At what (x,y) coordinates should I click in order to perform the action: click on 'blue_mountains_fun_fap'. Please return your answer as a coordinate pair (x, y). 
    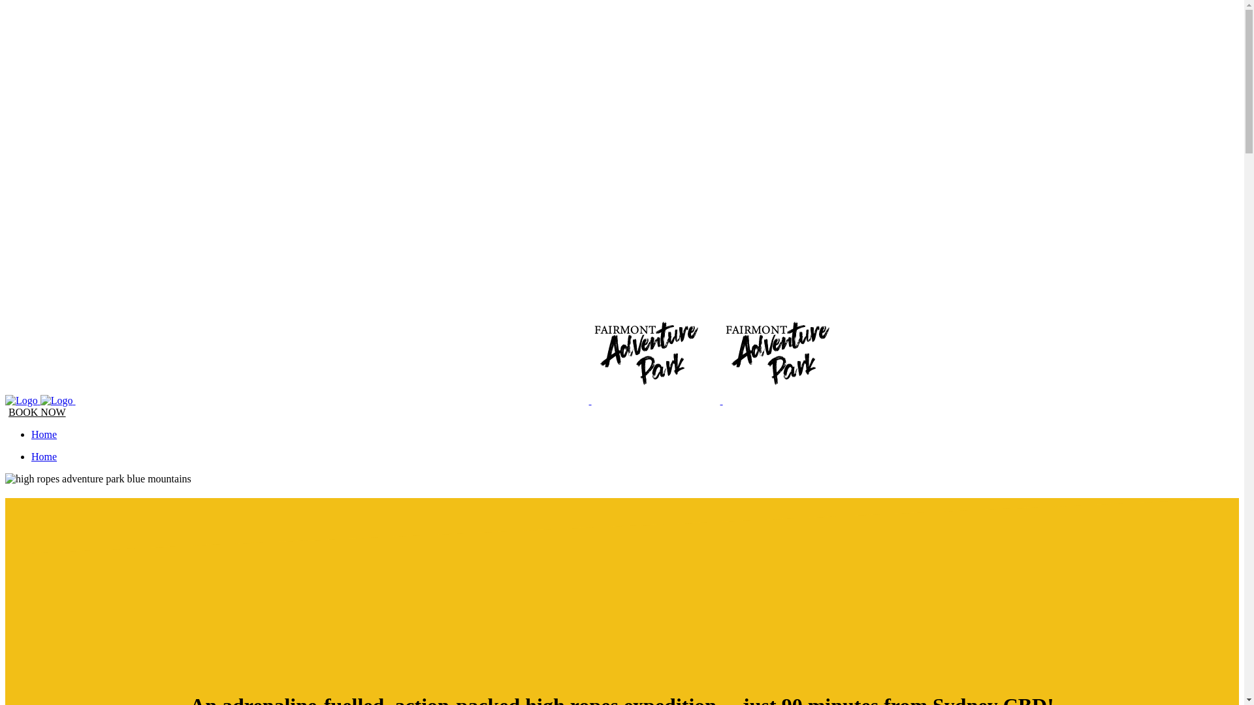
    Looking at the image, I should click on (97, 478).